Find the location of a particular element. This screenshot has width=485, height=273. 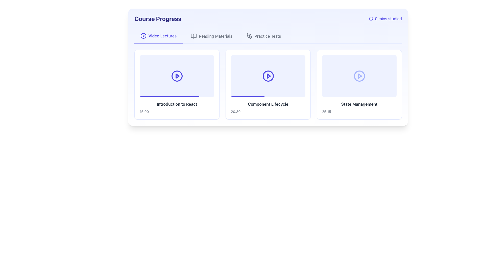

the circular outline of the play button located in the third video card titled 'State Management', which is positioned above the label '25:15' is located at coordinates (359, 76).